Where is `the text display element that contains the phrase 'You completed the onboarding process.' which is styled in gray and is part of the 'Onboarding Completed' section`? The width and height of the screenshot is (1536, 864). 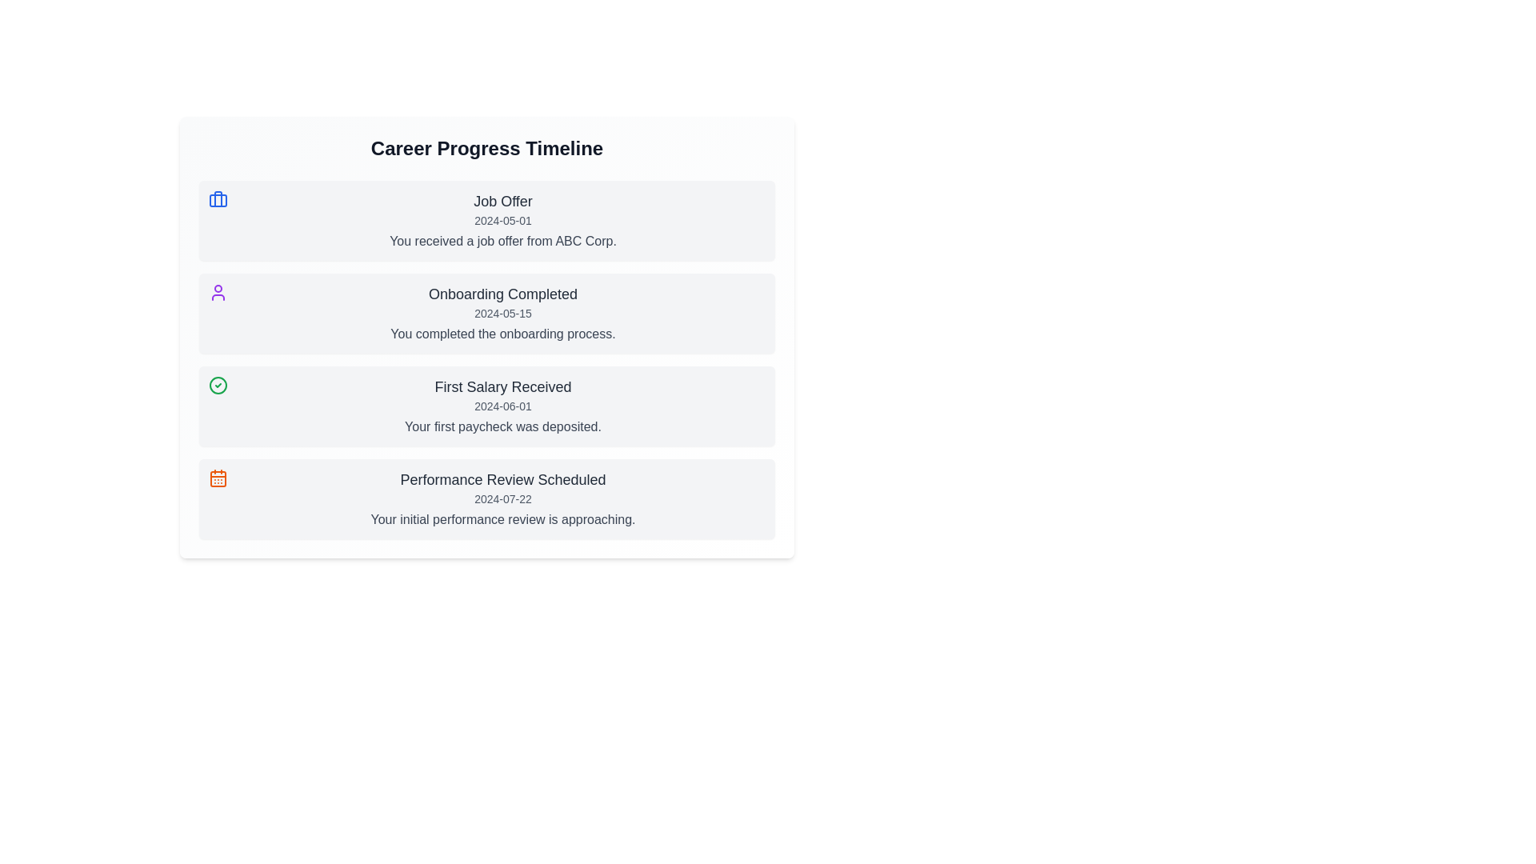 the text display element that contains the phrase 'You completed the onboarding process.' which is styled in gray and is part of the 'Onboarding Completed' section is located at coordinates (502, 333).